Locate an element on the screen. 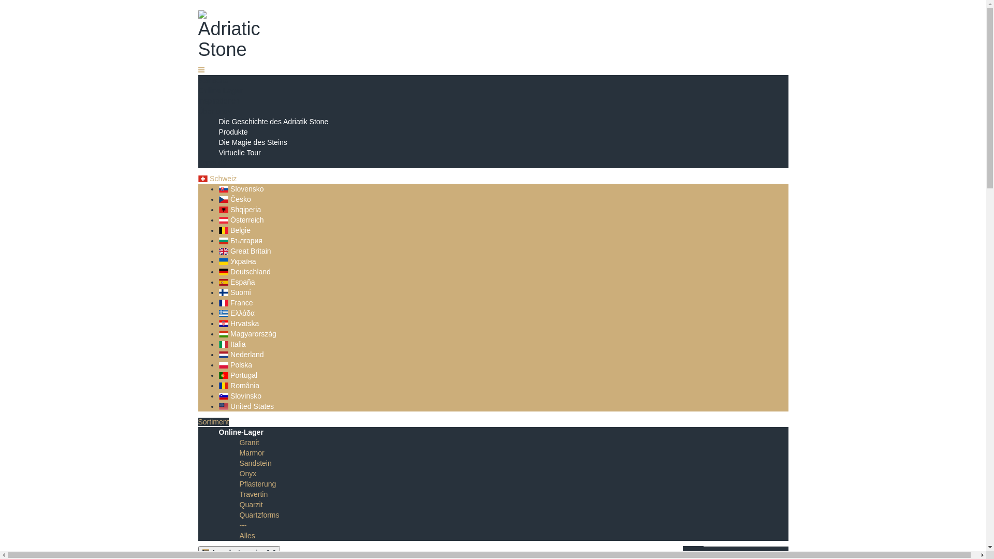 This screenshot has height=559, width=994. 'Quarzit' is located at coordinates (251, 504).